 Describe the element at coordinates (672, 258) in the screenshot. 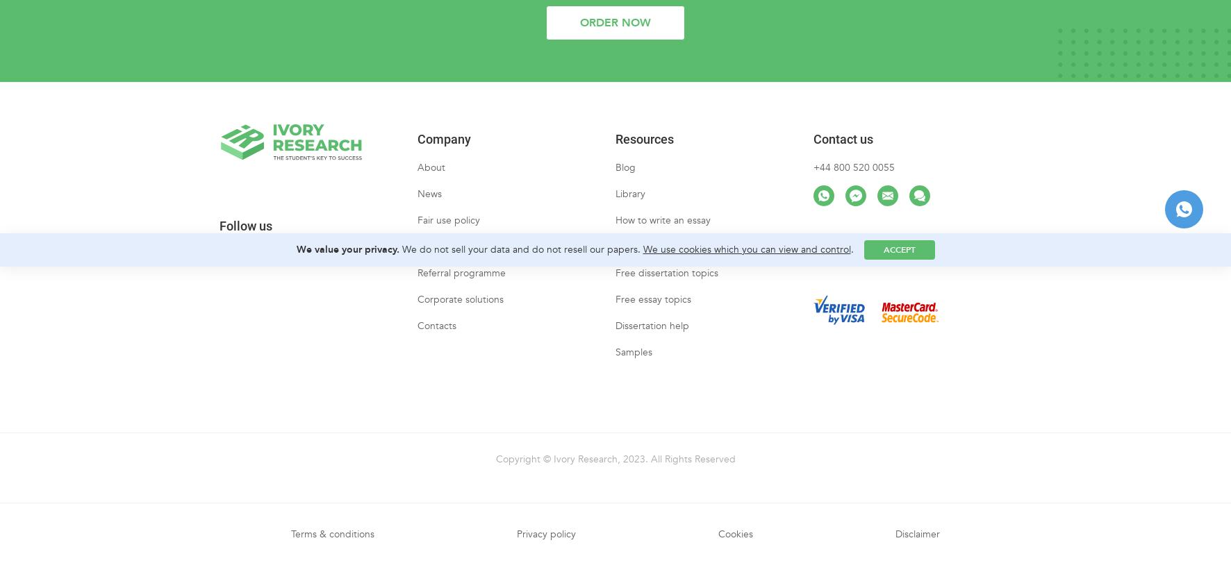

I see `'How to write a dissertation'` at that location.